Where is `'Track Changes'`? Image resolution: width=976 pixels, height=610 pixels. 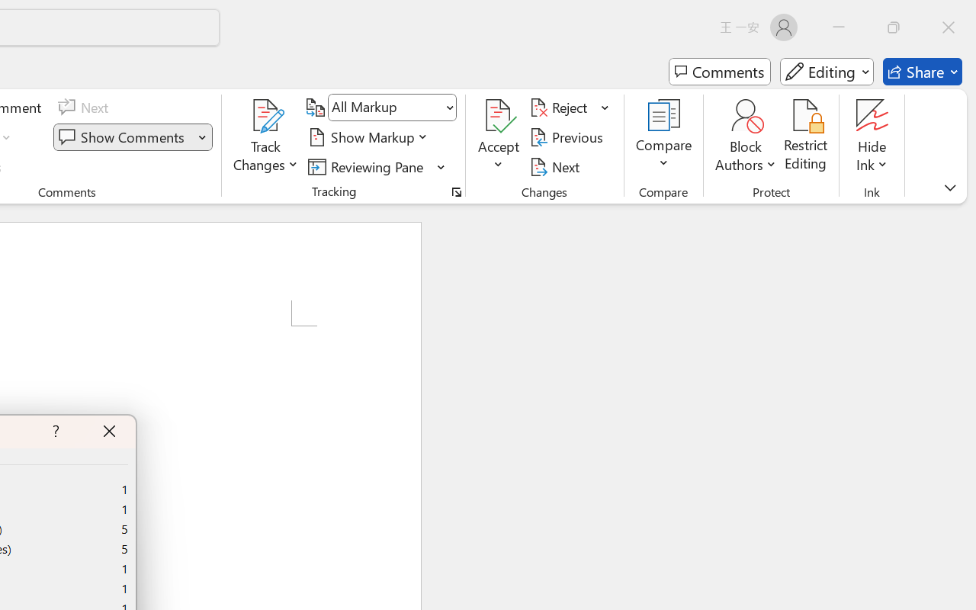
'Track Changes' is located at coordinates (266, 115).